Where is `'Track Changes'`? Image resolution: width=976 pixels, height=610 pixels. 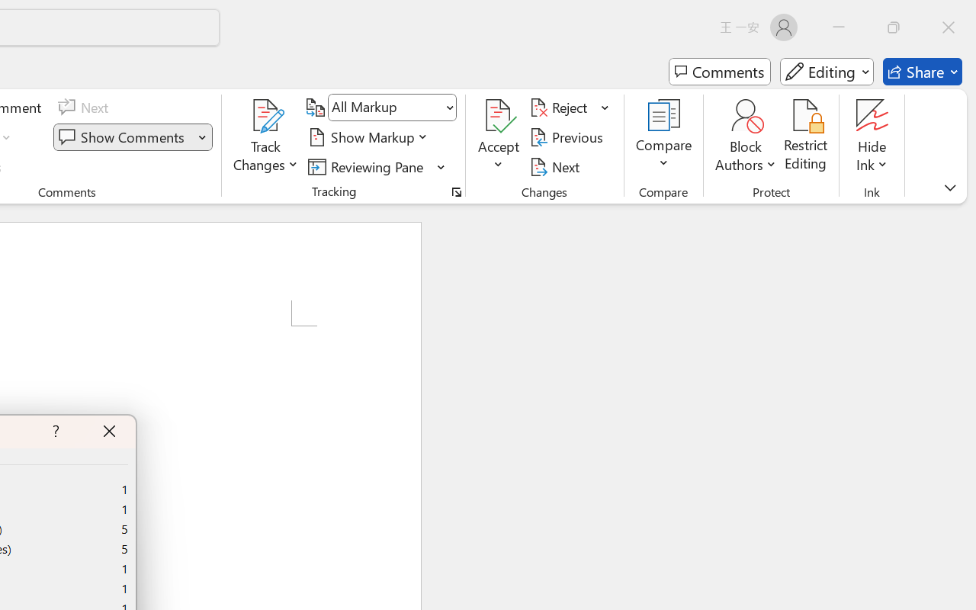
'Track Changes' is located at coordinates (266, 115).